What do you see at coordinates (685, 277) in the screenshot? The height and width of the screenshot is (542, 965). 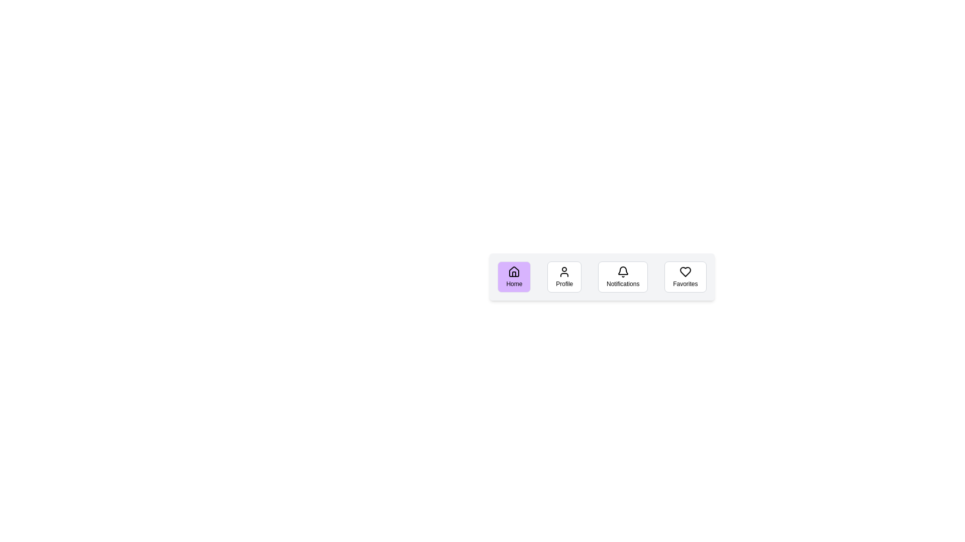 I see `the Favorites button to navigate to the corresponding section` at bounding box center [685, 277].